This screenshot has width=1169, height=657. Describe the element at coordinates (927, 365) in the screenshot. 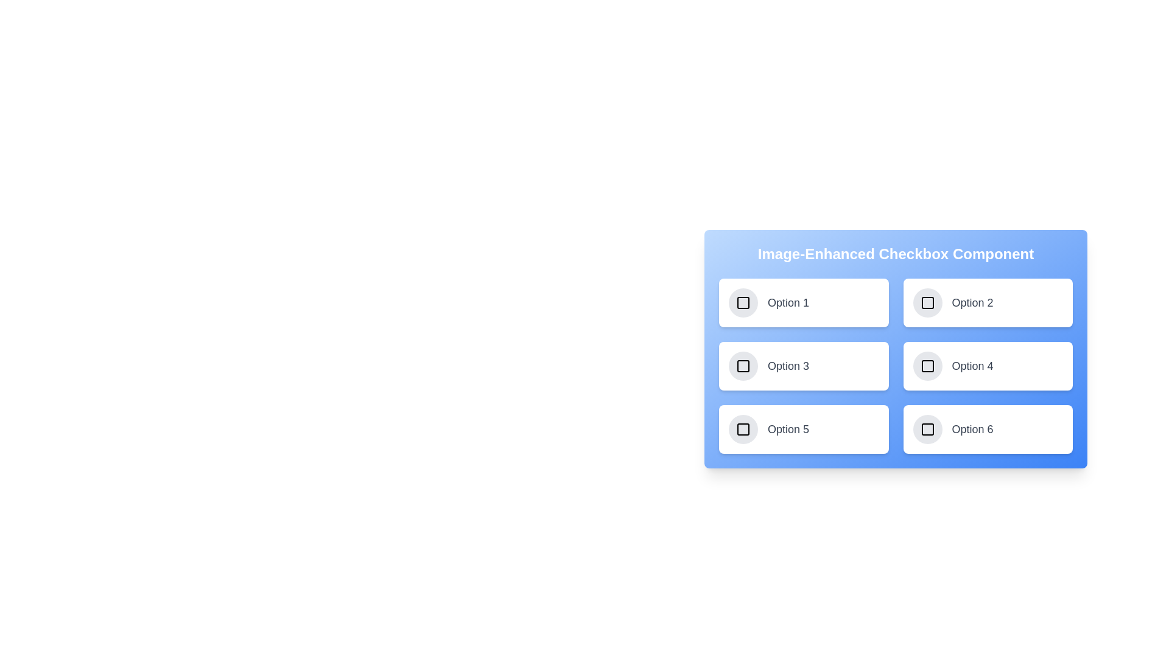

I see `the checkbox corresponding to 4` at that location.